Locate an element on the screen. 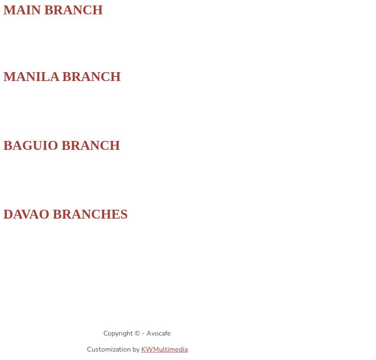 The width and height of the screenshot is (376, 360). 'BAGUIO BRANCH' is located at coordinates (61, 145).